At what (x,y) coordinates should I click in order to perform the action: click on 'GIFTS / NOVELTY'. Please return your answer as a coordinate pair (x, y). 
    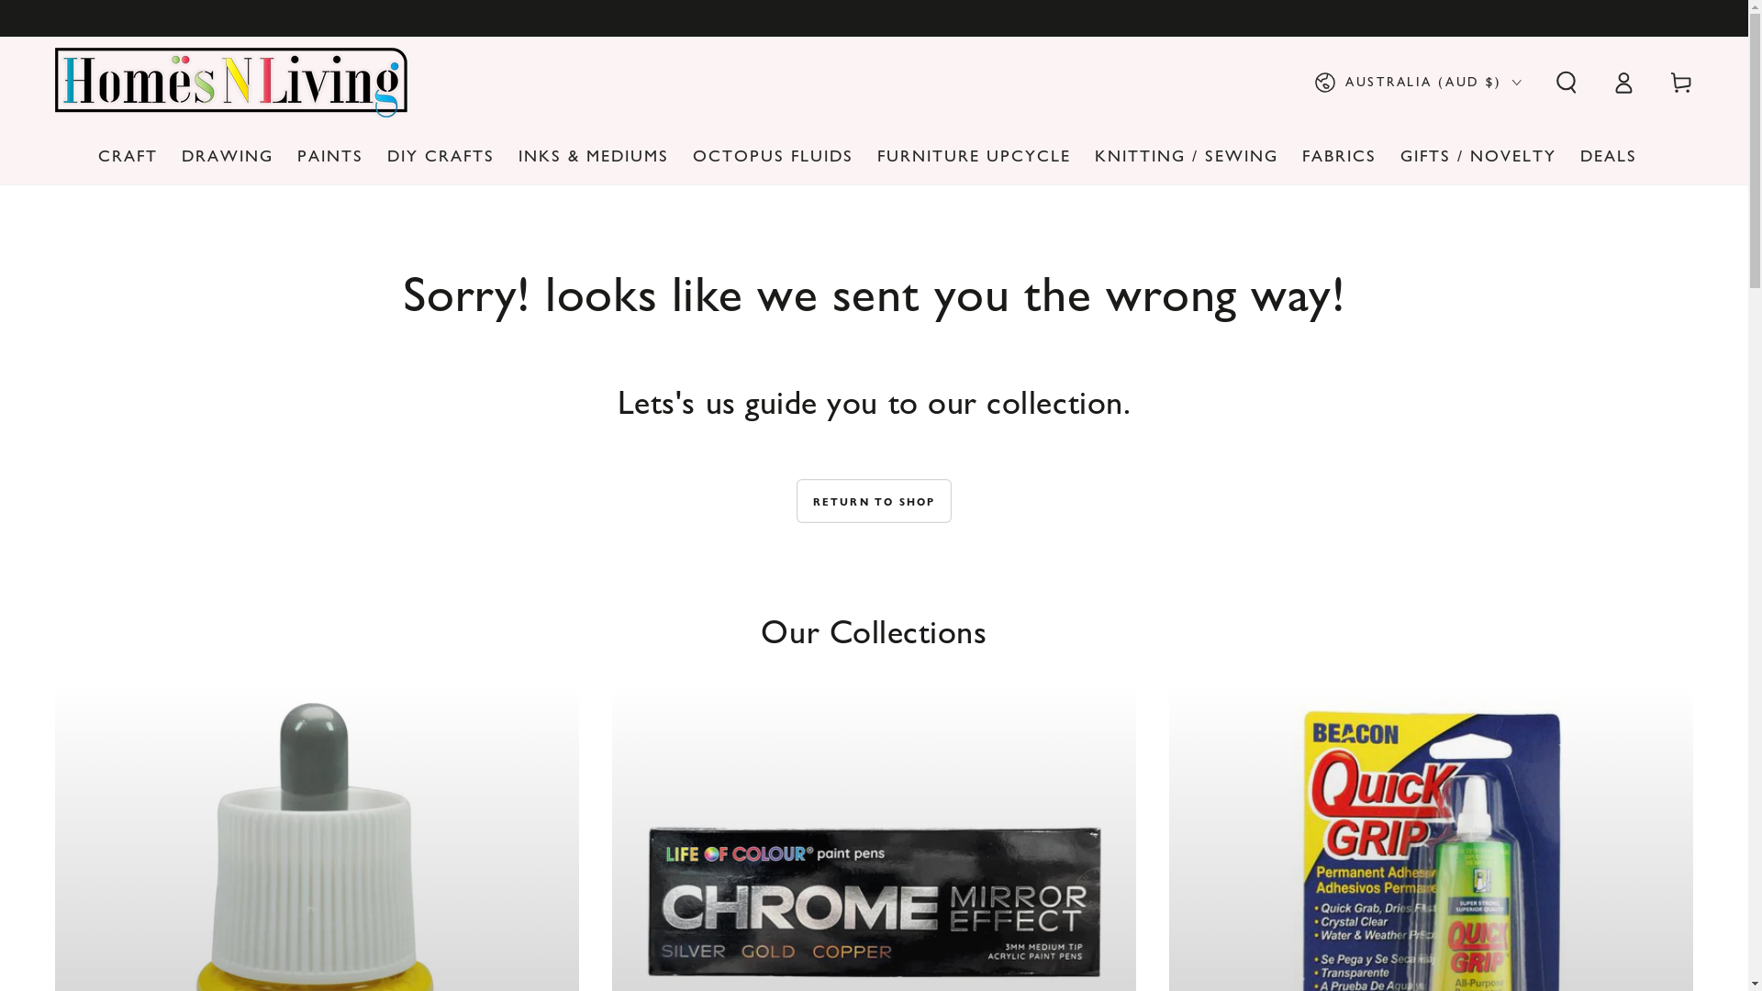
    Looking at the image, I should click on (1478, 155).